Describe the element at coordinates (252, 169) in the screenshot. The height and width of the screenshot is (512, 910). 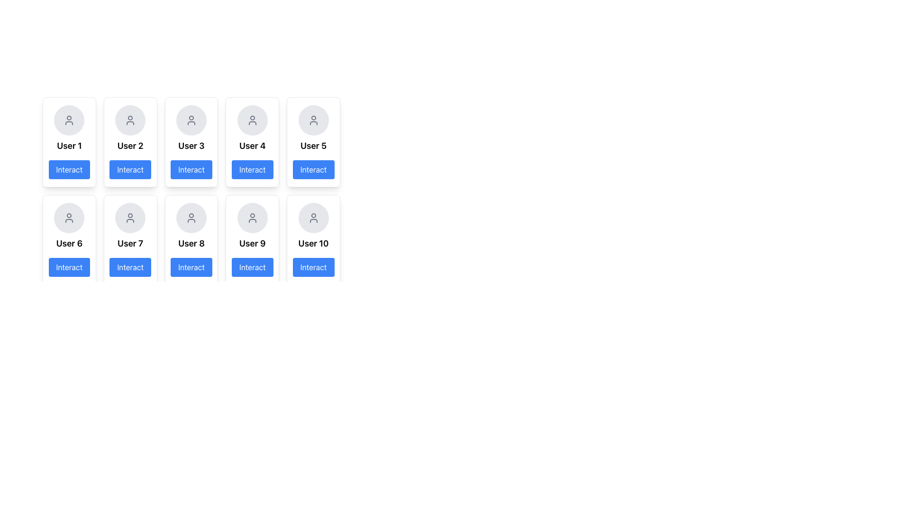
I see `the 'Interact' button for 'User 4'` at that location.